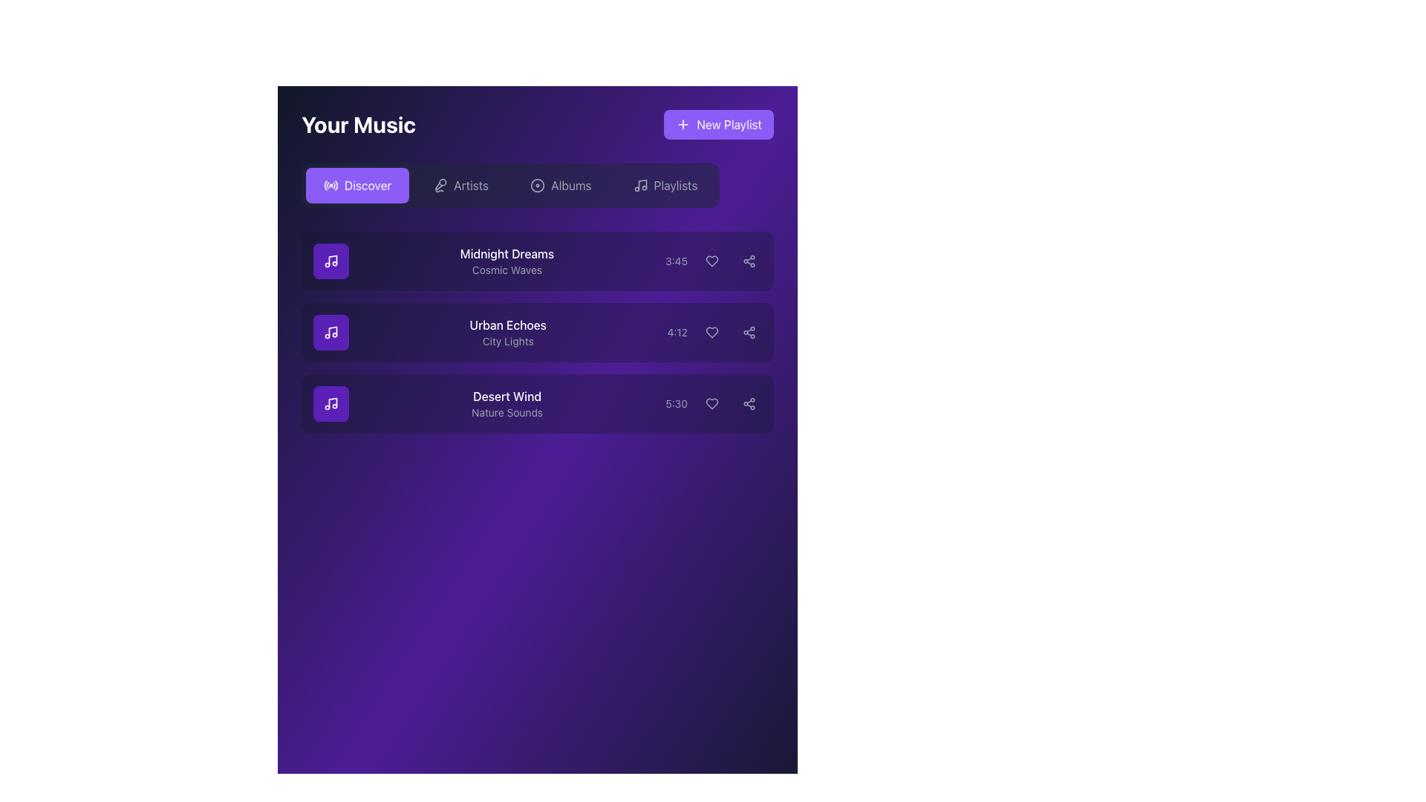 The width and height of the screenshot is (1426, 802). What do you see at coordinates (713, 260) in the screenshot?
I see `the heart icon to mark the song 'Midnight Dreams' as liked, located in the 'Your Music' section of the horizontal row` at bounding box center [713, 260].